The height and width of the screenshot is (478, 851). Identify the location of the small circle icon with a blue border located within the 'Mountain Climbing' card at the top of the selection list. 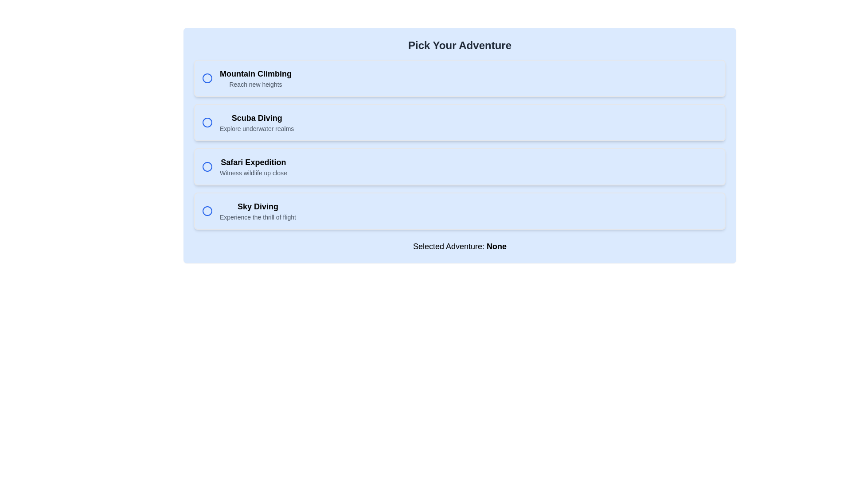
(207, 78).